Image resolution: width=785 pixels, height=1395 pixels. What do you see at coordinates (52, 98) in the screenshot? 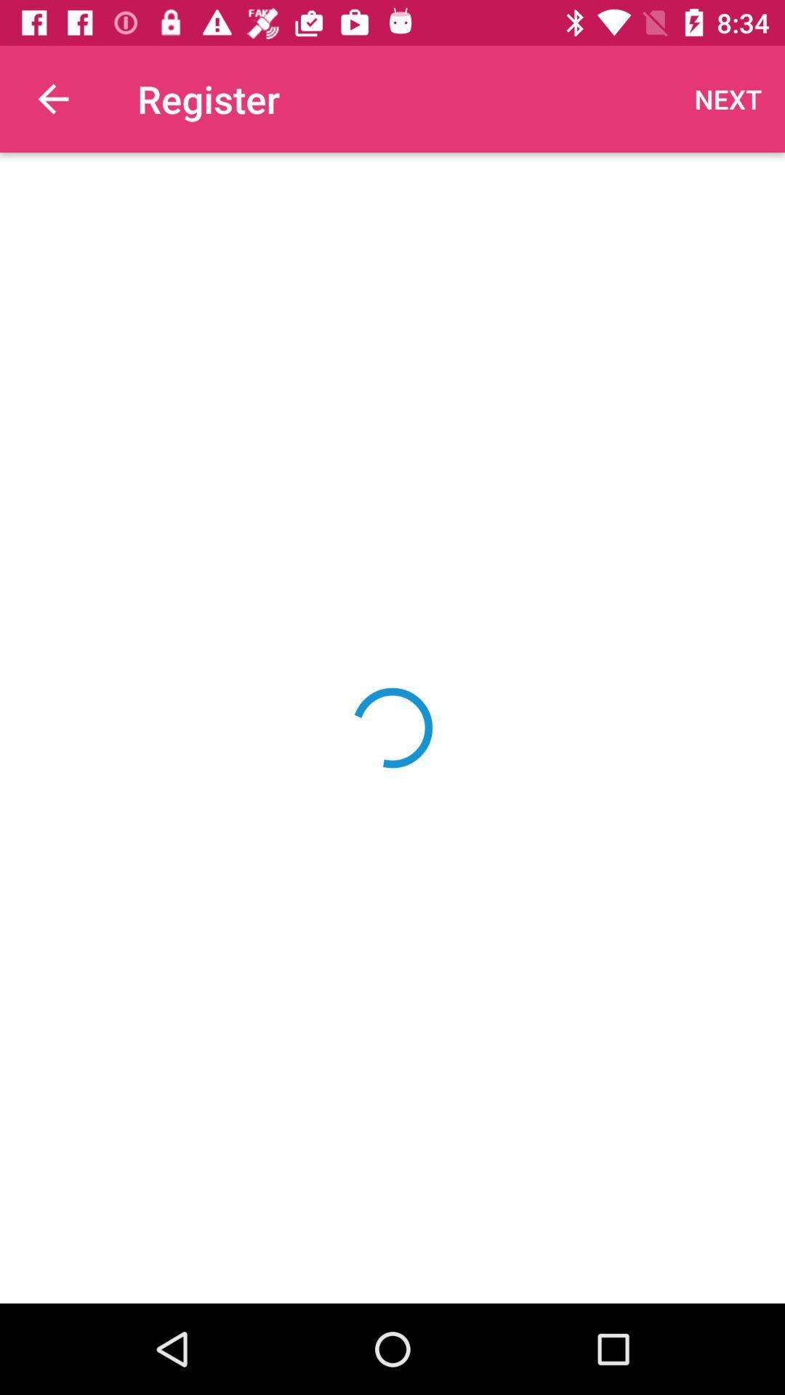
I see `item to the left of the register icon` at bounding box center [52, 98].